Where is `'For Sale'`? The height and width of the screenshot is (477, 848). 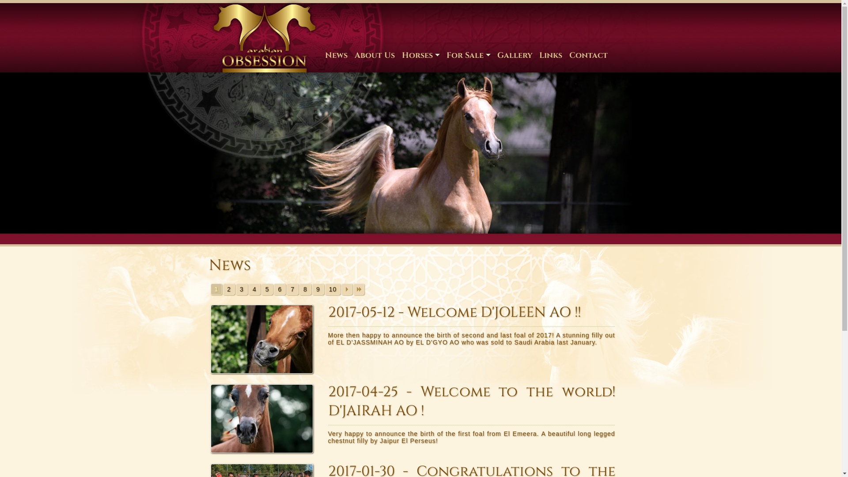 'For Sale' is located at coordinates (443, 55).